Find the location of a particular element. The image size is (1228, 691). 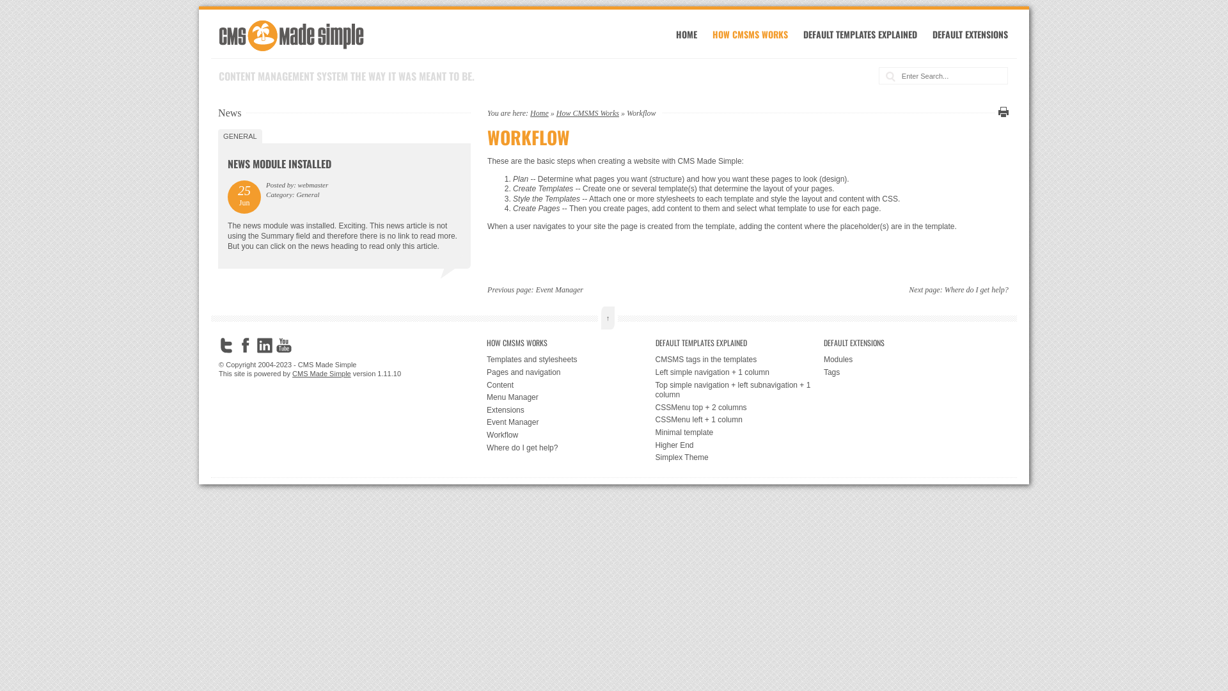

'Skip to navigation' is located at coordinates (228, 23).